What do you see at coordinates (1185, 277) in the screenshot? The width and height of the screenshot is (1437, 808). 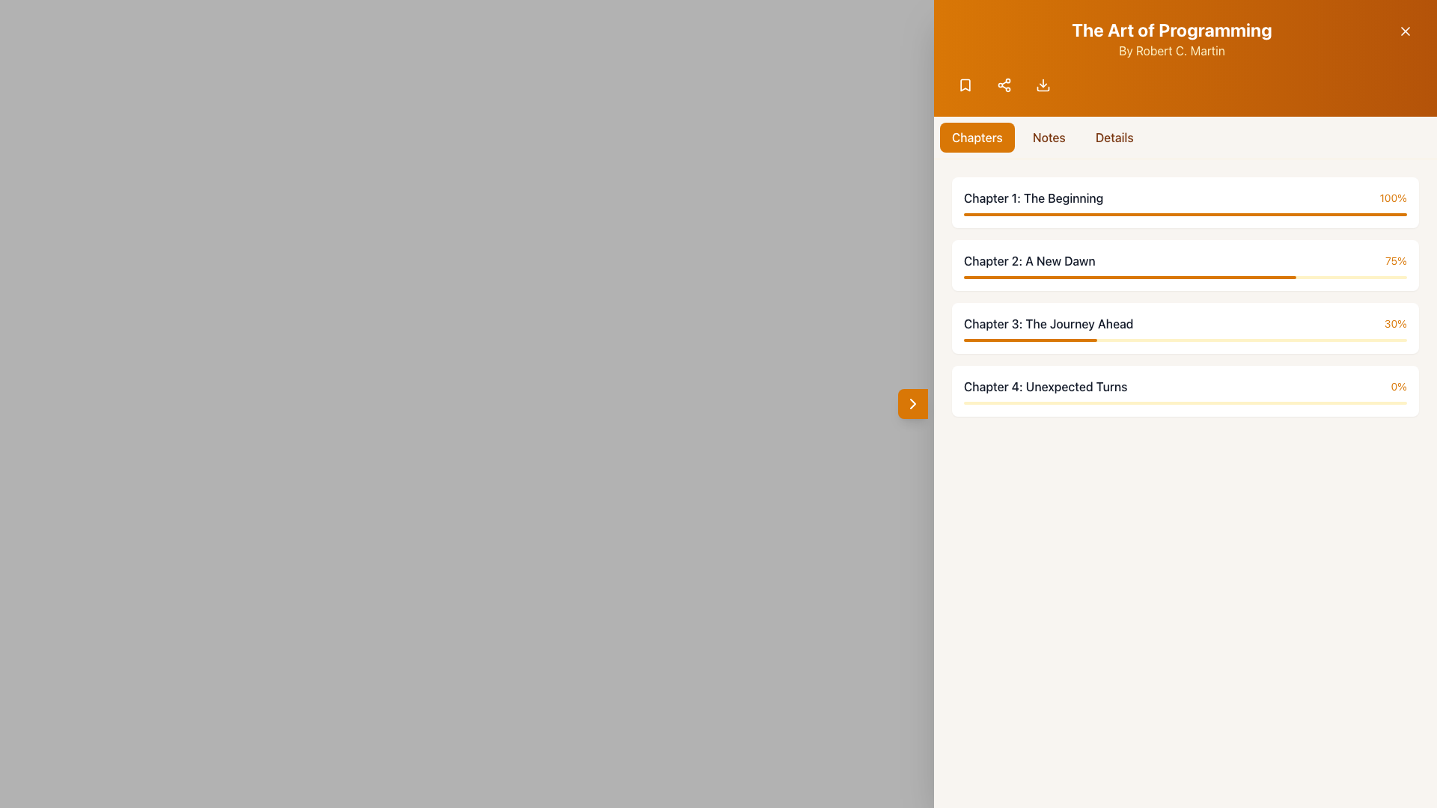 I see `the progress bar indicating 75% completion located at the bottom of the card labeled 'Chapter 2: A New Dawn'` at bounding box center [1185, 277].